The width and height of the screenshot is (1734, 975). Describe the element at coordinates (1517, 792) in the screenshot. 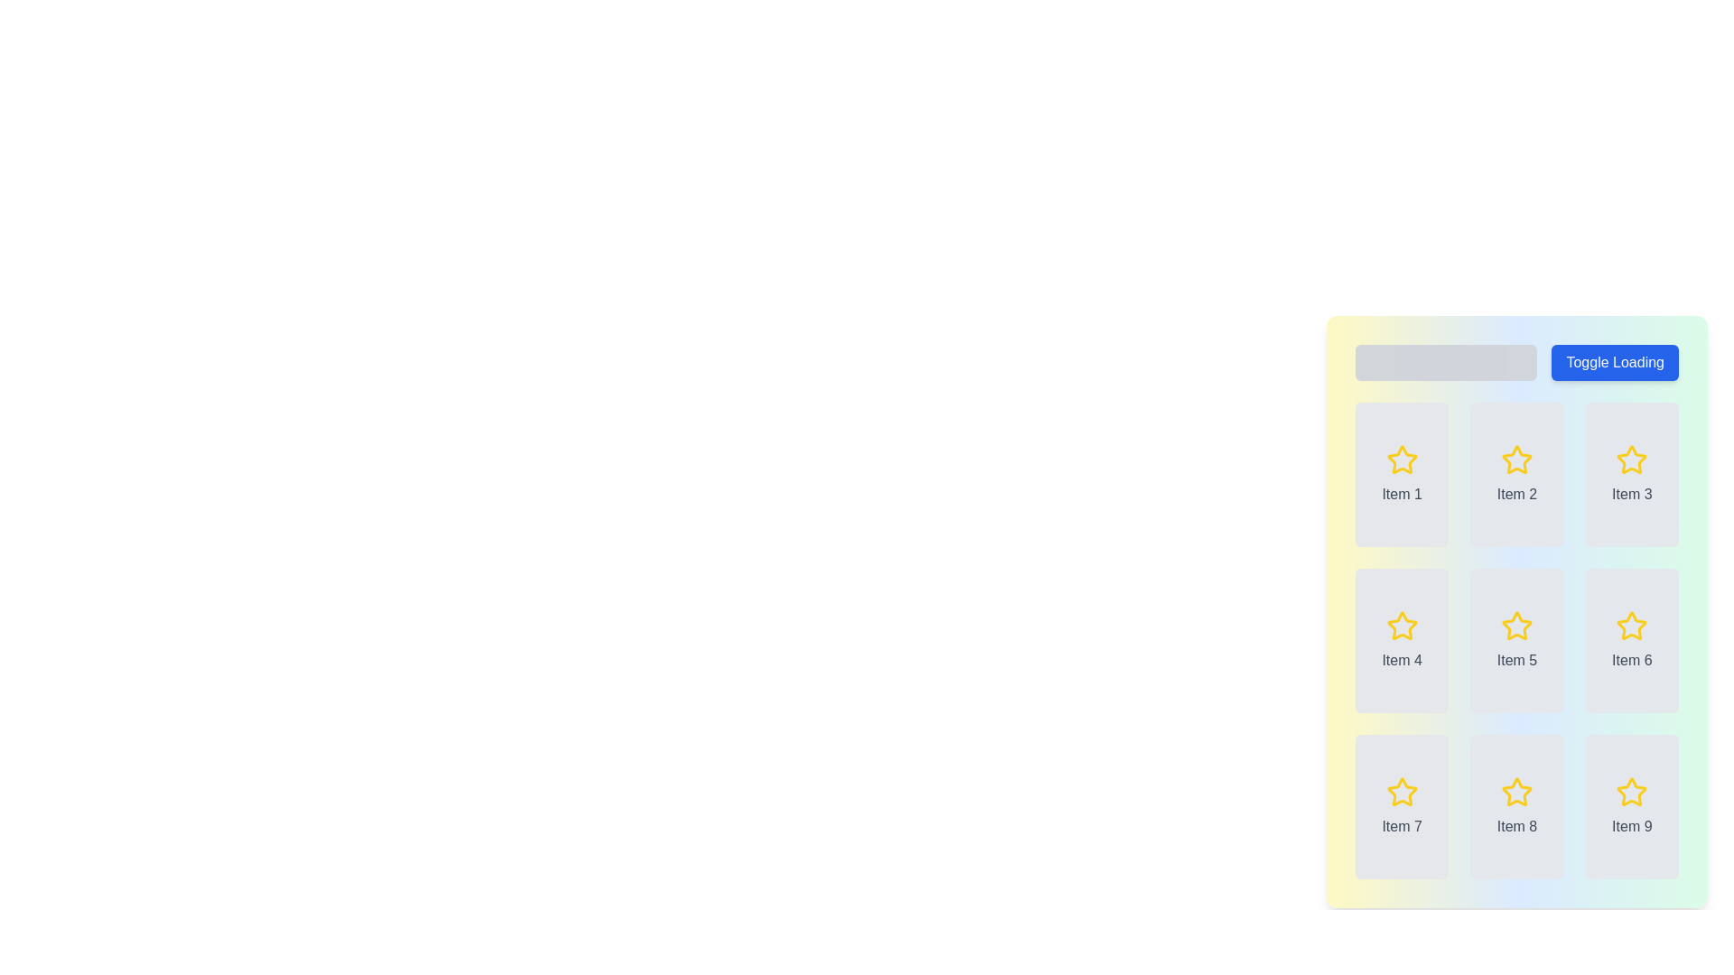

I see `the star icon for 'Item 8'` at that location.